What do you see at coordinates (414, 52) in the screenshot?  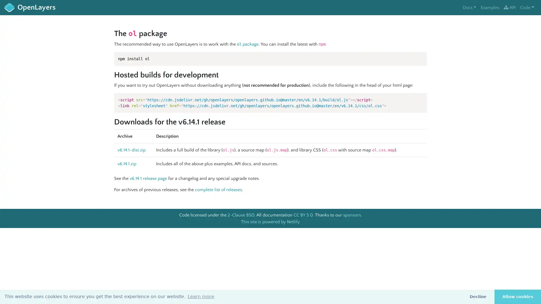 I see `Copy` at bounding box center [414, 52].